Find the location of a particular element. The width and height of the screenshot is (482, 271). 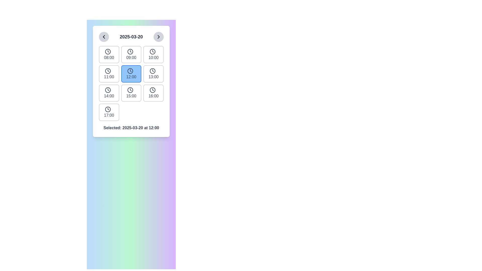

the rectangular button displaying '10:00' with a clock icon at the top is located at coordinates (153, 54).